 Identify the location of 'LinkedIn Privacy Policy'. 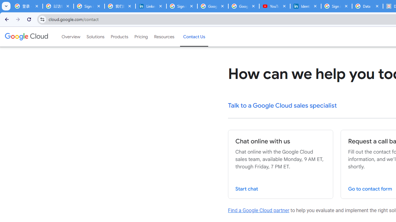
(151, 6).